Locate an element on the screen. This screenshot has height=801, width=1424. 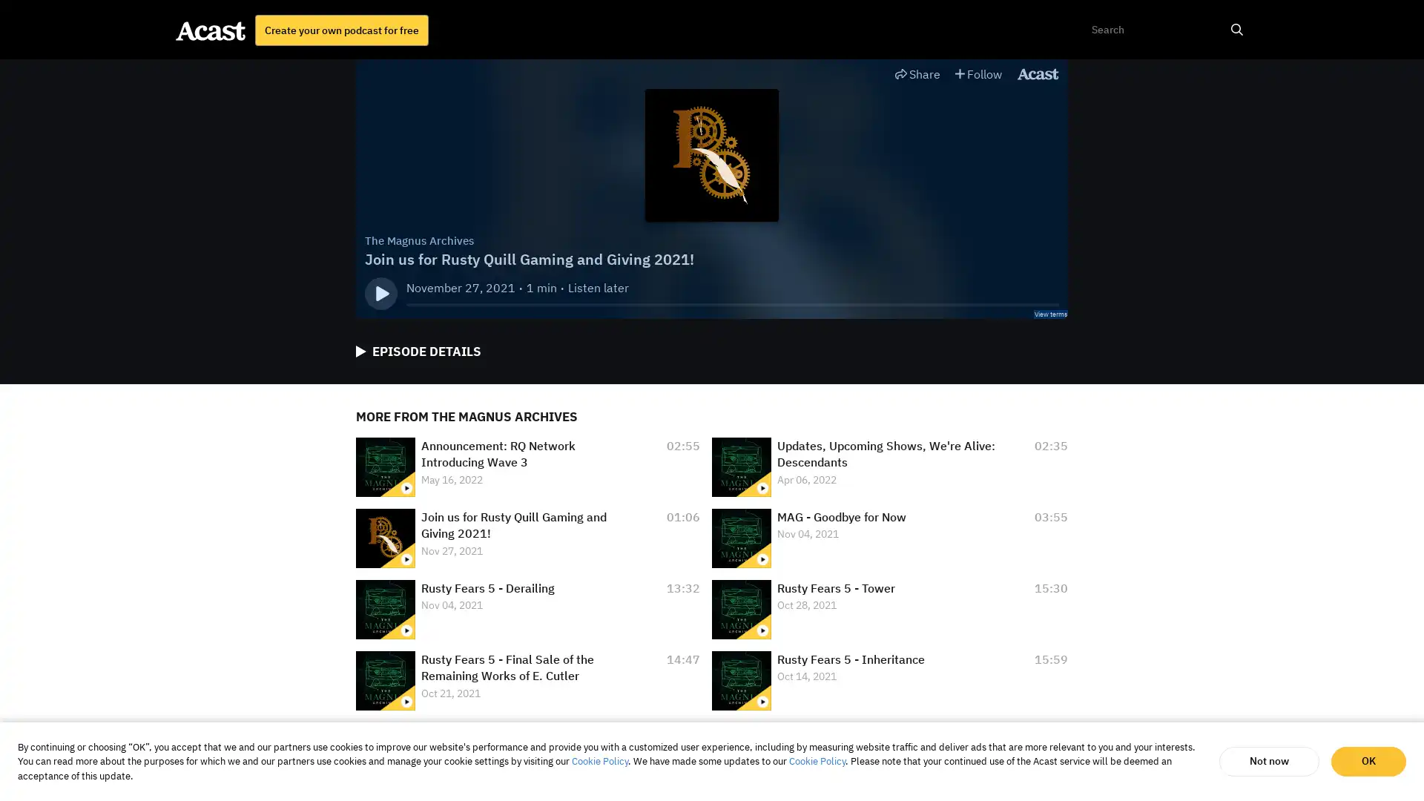
EPISODE DETAILS is located at coordinates (418, 352).